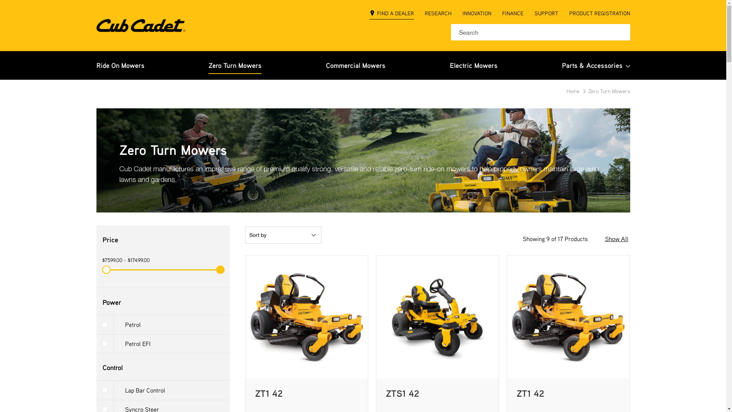  Describe the element at coordinates (574, 90) in the screenshot. I see `'Home'` at that location.